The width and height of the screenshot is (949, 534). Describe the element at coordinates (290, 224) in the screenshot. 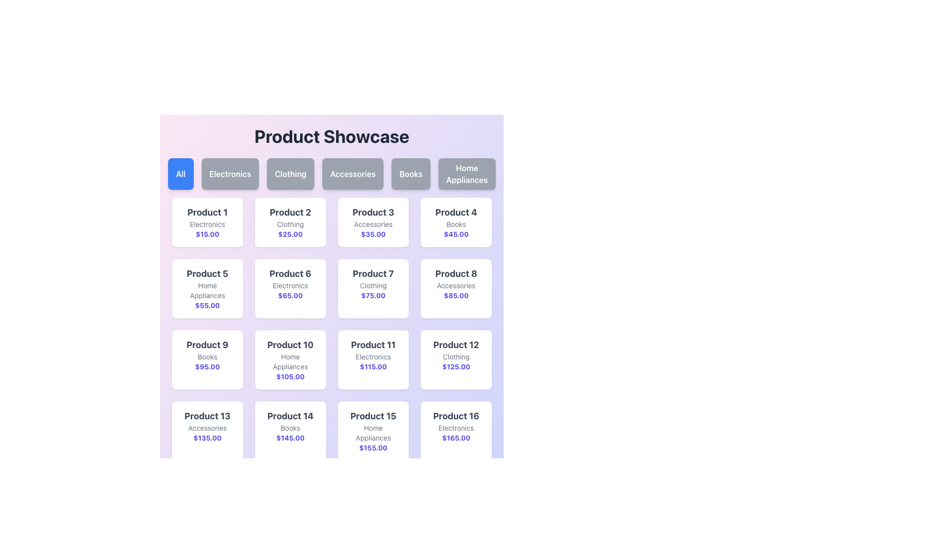

I see `text from the 'Clothing' category label located in the card for 'Product 2', which is positioned below the title and above the price` at that location.